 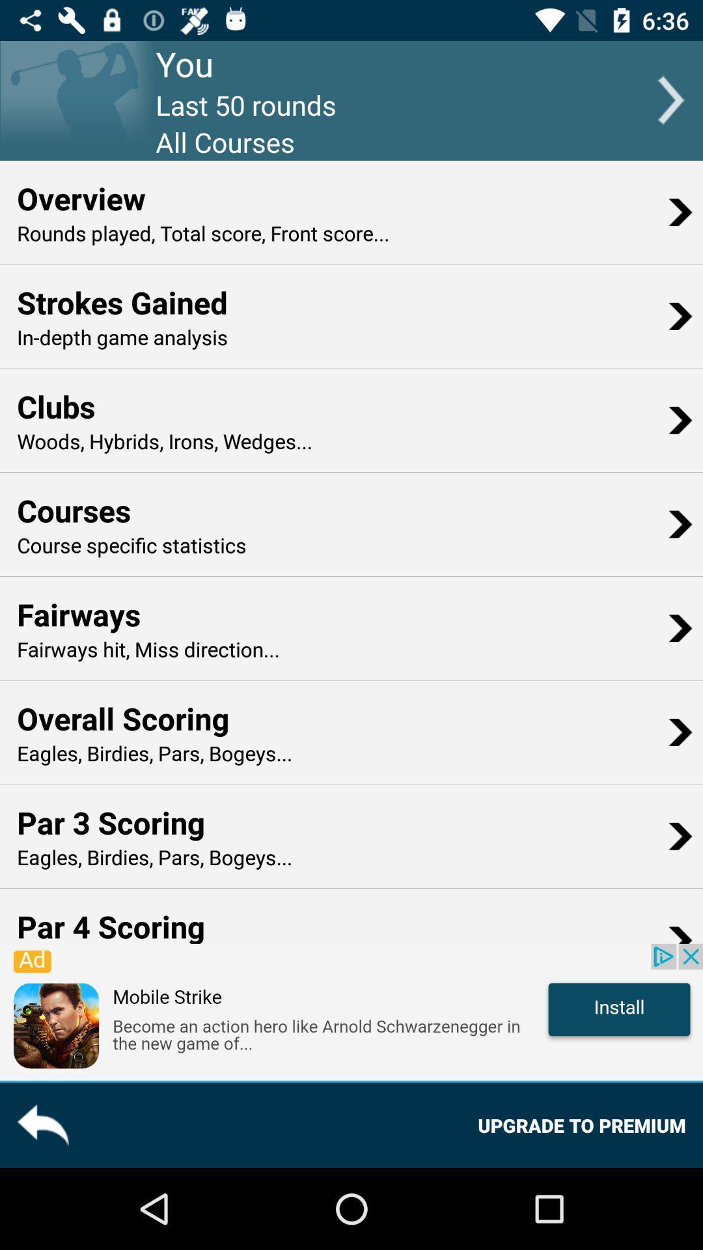 I want to click on app advertisement option, so click(x=351, y=1011).